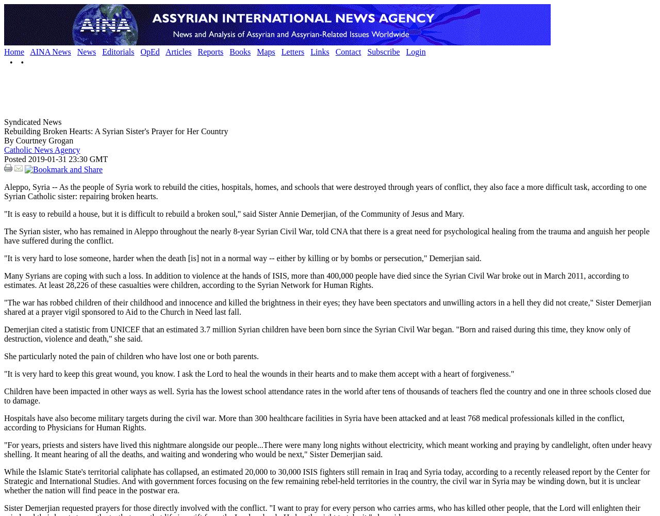 This screenshot has height=516, width=660. Describe the element at coordinates (259, 373) in the screenshot. I see `'"It is very hard to keep this great wound, you know. I ask the Lord to heal the wounds in their hearts and to make them accept with a heart of forgiveness."'` at that location.